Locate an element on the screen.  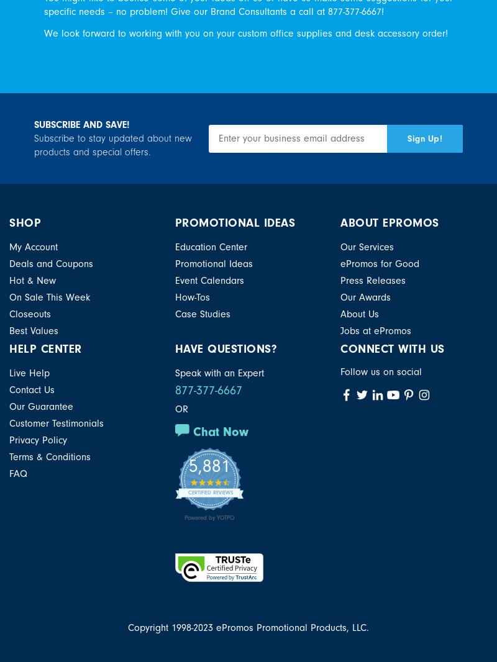
'Terms & Conditions' is located at coordinates (50, 456).